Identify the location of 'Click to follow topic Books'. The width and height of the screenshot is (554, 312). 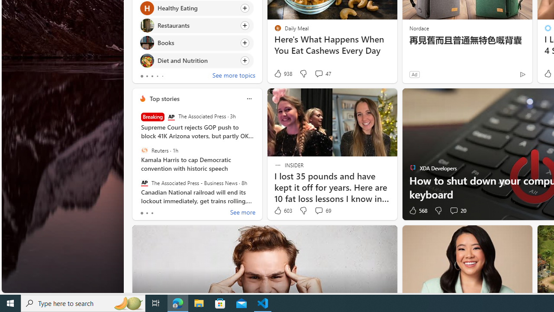
(196, 43).